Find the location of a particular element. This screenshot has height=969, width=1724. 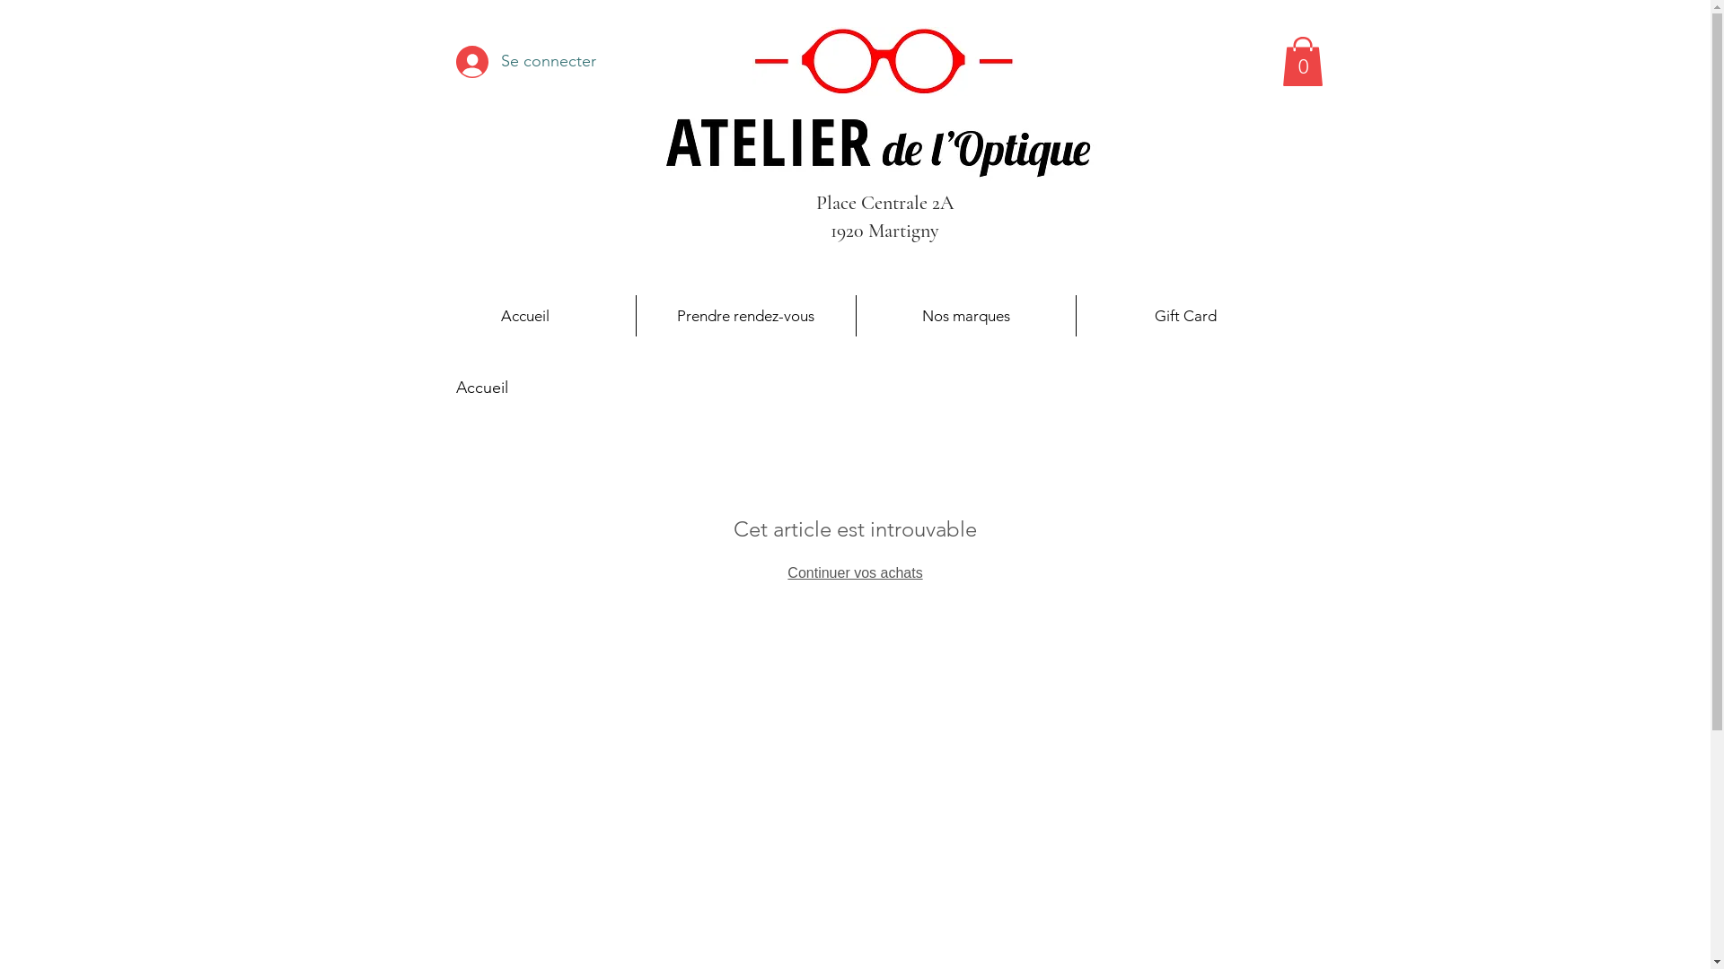

'0' is located at coordinates (1302, 60).